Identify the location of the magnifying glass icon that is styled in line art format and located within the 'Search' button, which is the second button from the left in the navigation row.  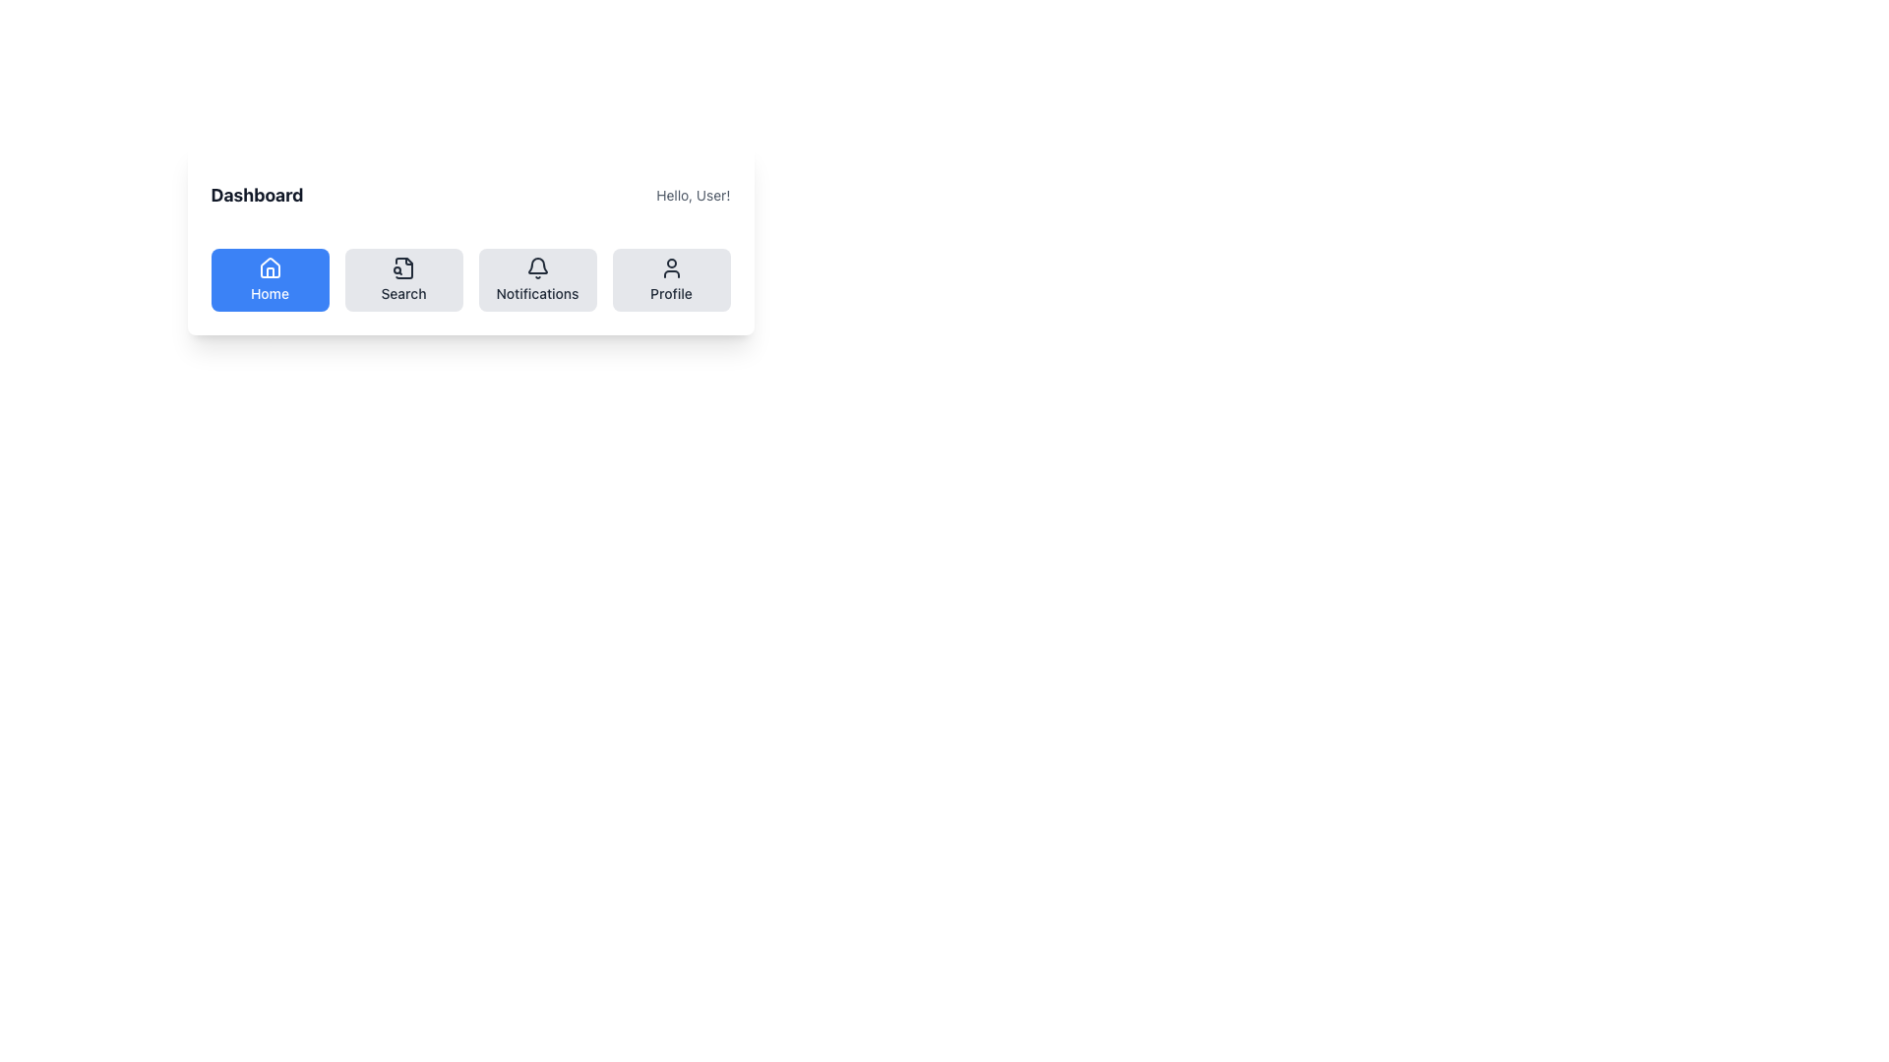
(402, 268).